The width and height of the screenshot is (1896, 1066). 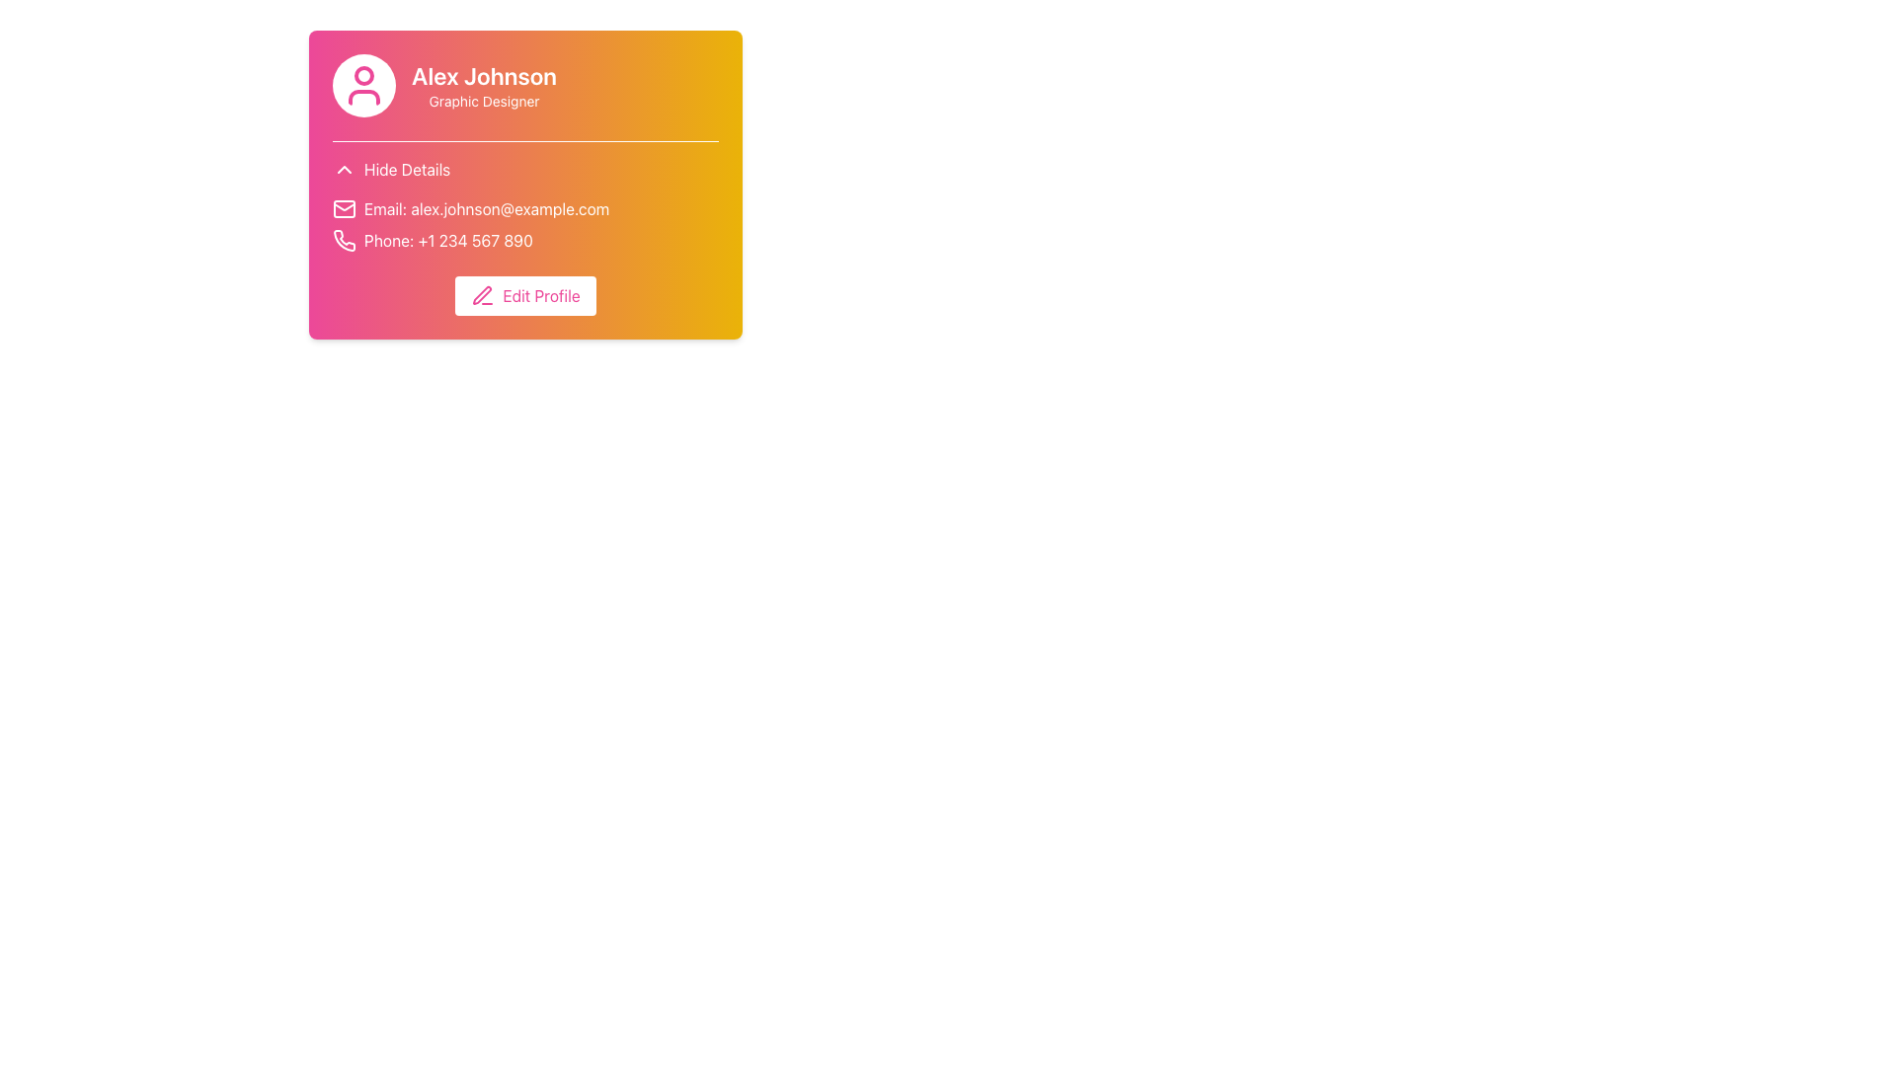 What do you see at coordinates (345, 209) in the screenshot?
I see `the inner envelope part of the pinkish-red mail icon located in the user detail card to the left of the email address text` at bounding box center [345, 209].